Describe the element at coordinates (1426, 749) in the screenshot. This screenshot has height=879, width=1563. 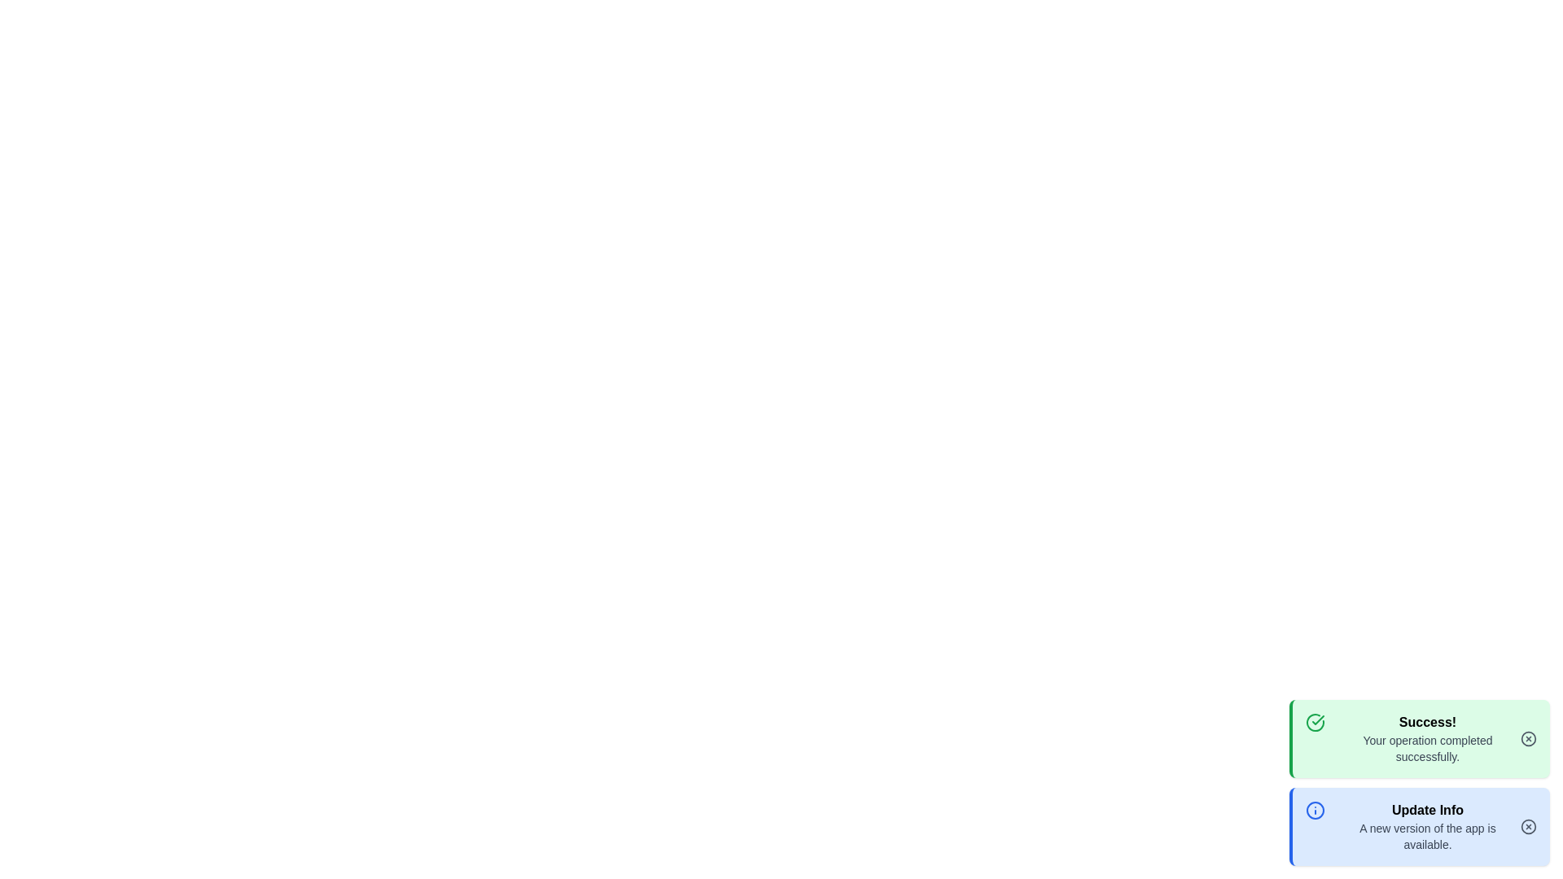
I see `the static text label that reads 'Your operation completed successfully.' located beneath the 'Success!' heading in the green notification card` at that location.